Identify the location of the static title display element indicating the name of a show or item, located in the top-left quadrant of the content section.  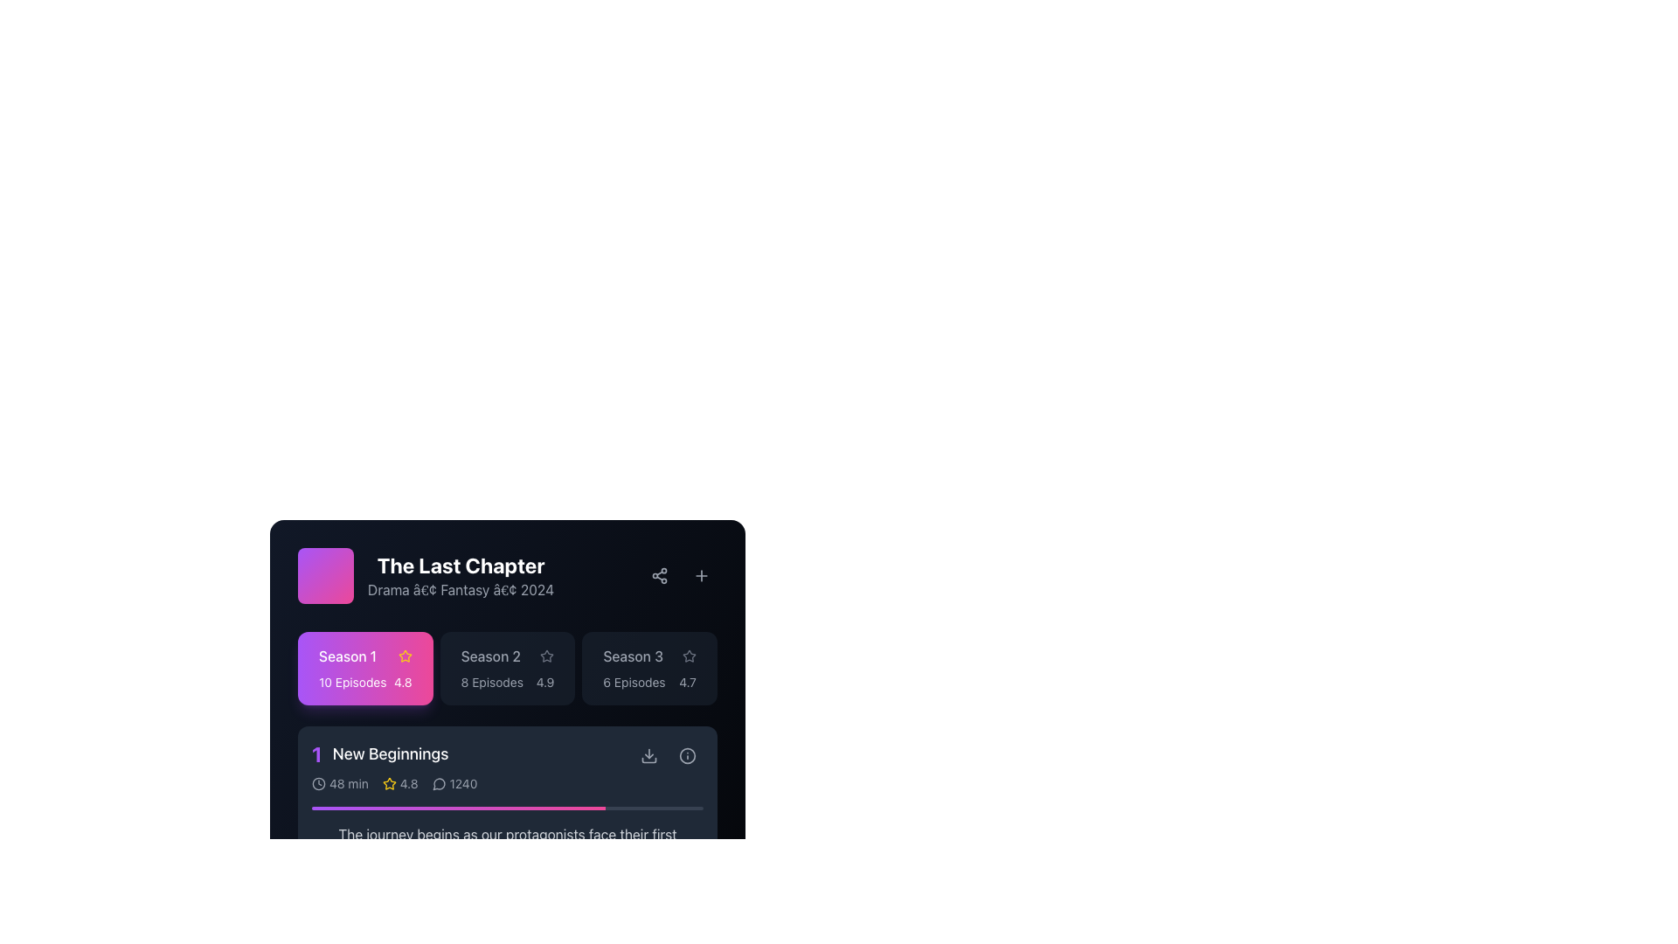
(461, 566).